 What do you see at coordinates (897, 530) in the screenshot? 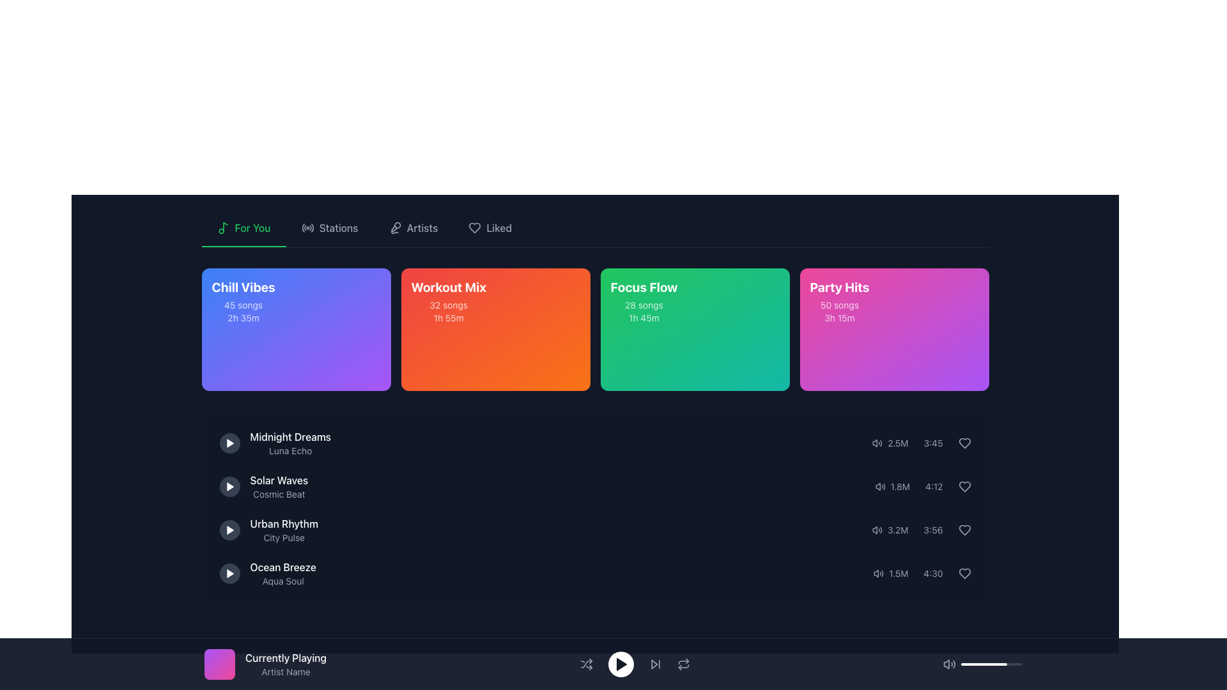
I see `text displayed in the label showing '3.2M', which is styled in gray and located in the bottom section of the interface next to a speaker icon` at bounding box center [897, 530].